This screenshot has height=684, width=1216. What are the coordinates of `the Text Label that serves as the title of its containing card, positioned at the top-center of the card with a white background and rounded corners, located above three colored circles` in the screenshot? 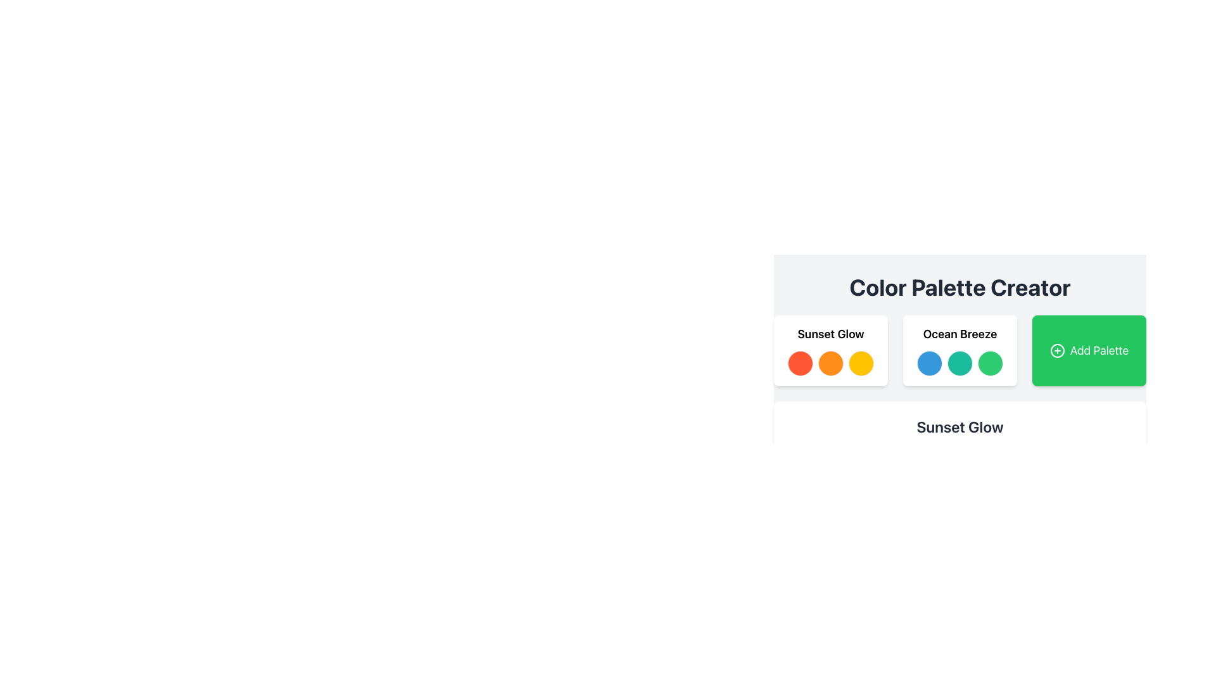 It's located at (960, 334).